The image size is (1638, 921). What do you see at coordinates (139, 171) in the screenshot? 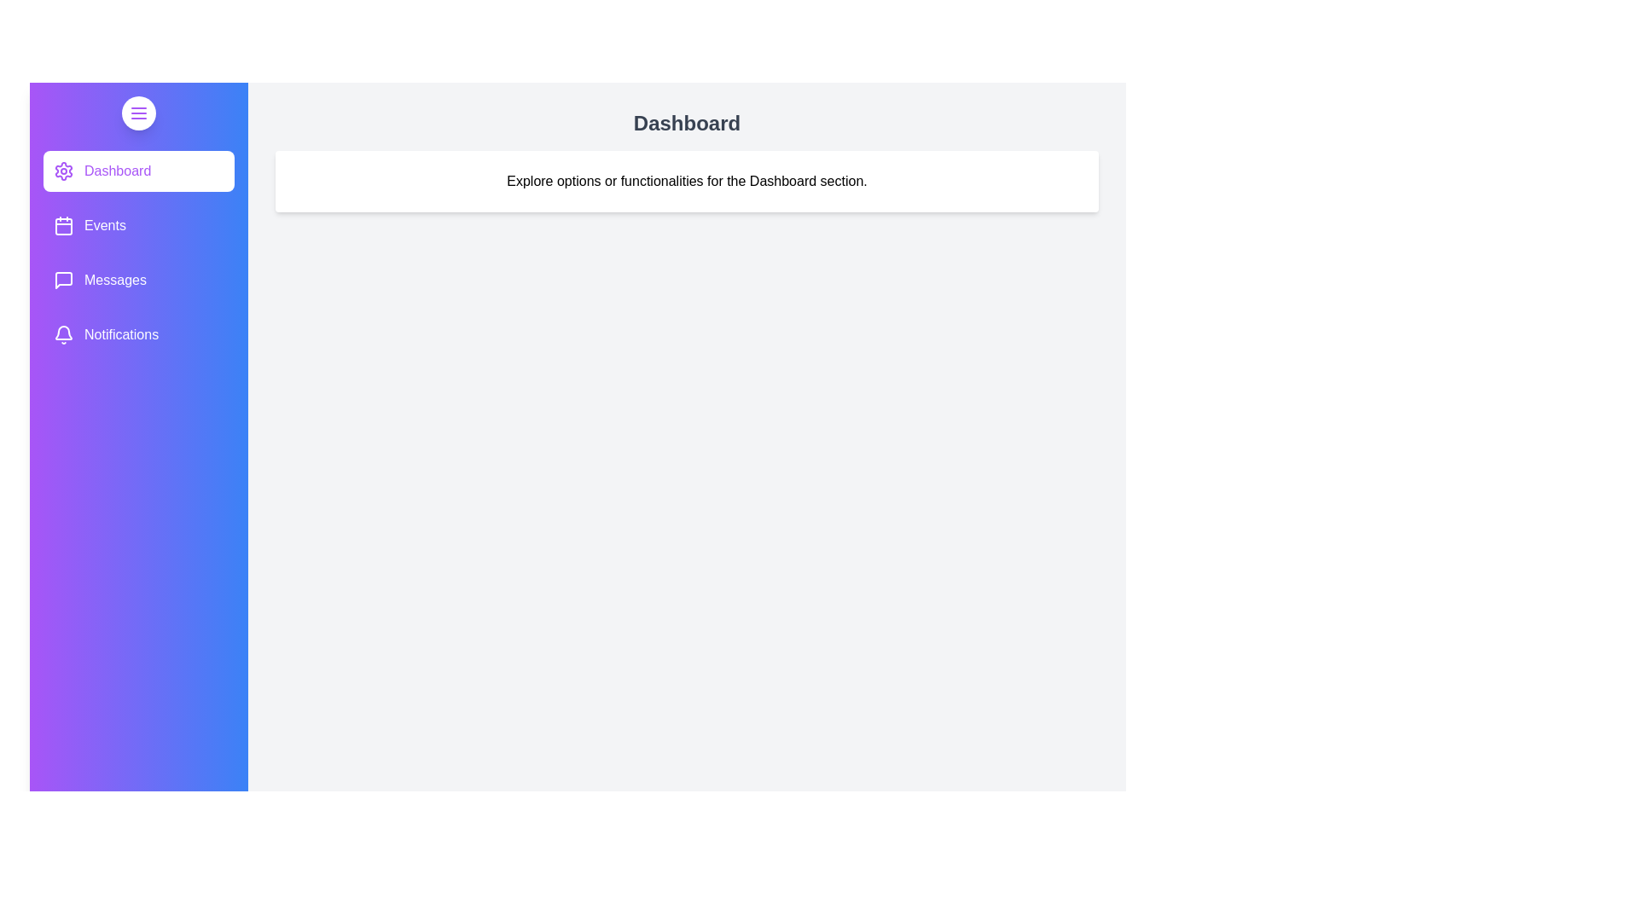
I see `the Dashboard section in the sidebar to switch the active view` at bounding box center [139, 171].